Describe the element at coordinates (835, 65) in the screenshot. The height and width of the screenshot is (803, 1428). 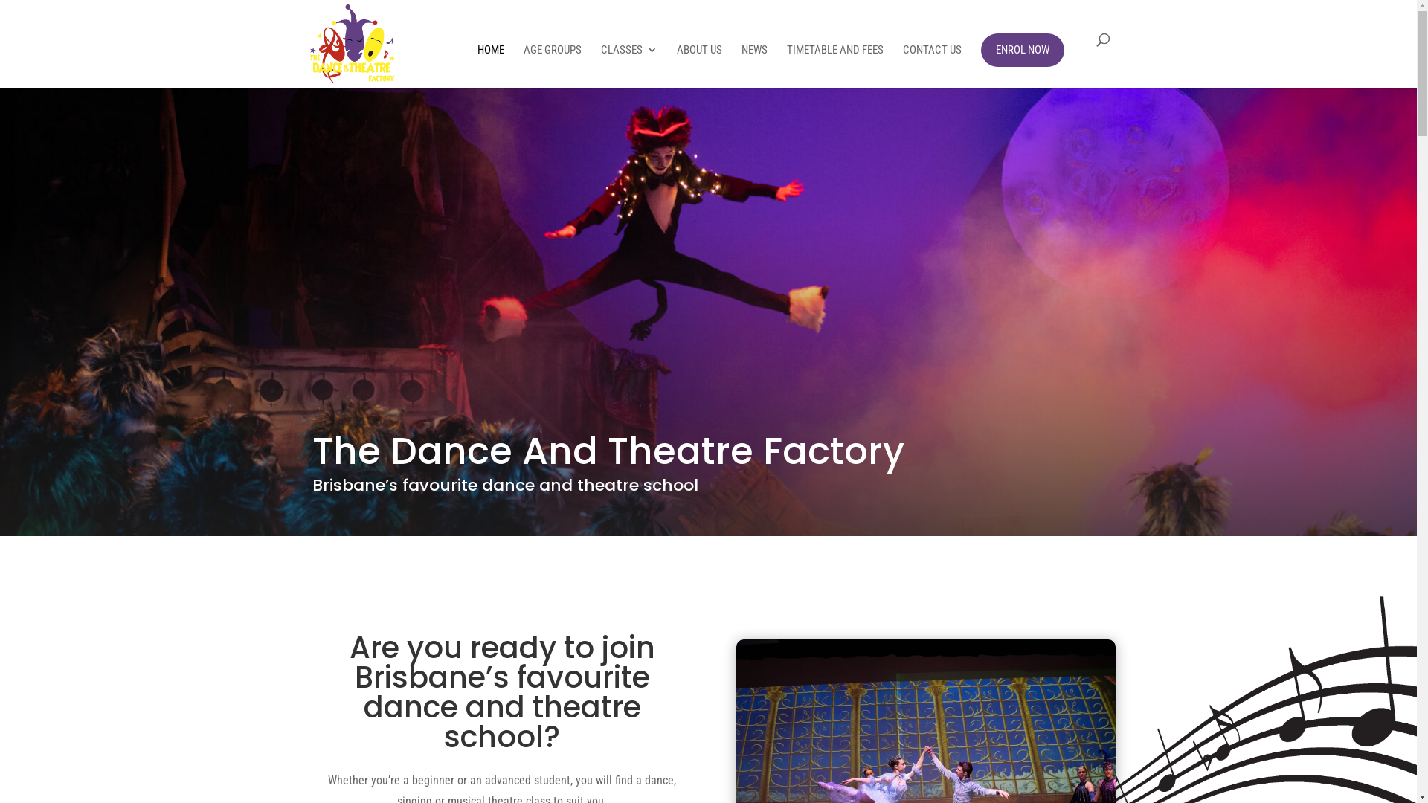
I see `'TIMETABLE AND FEES'` at that location.